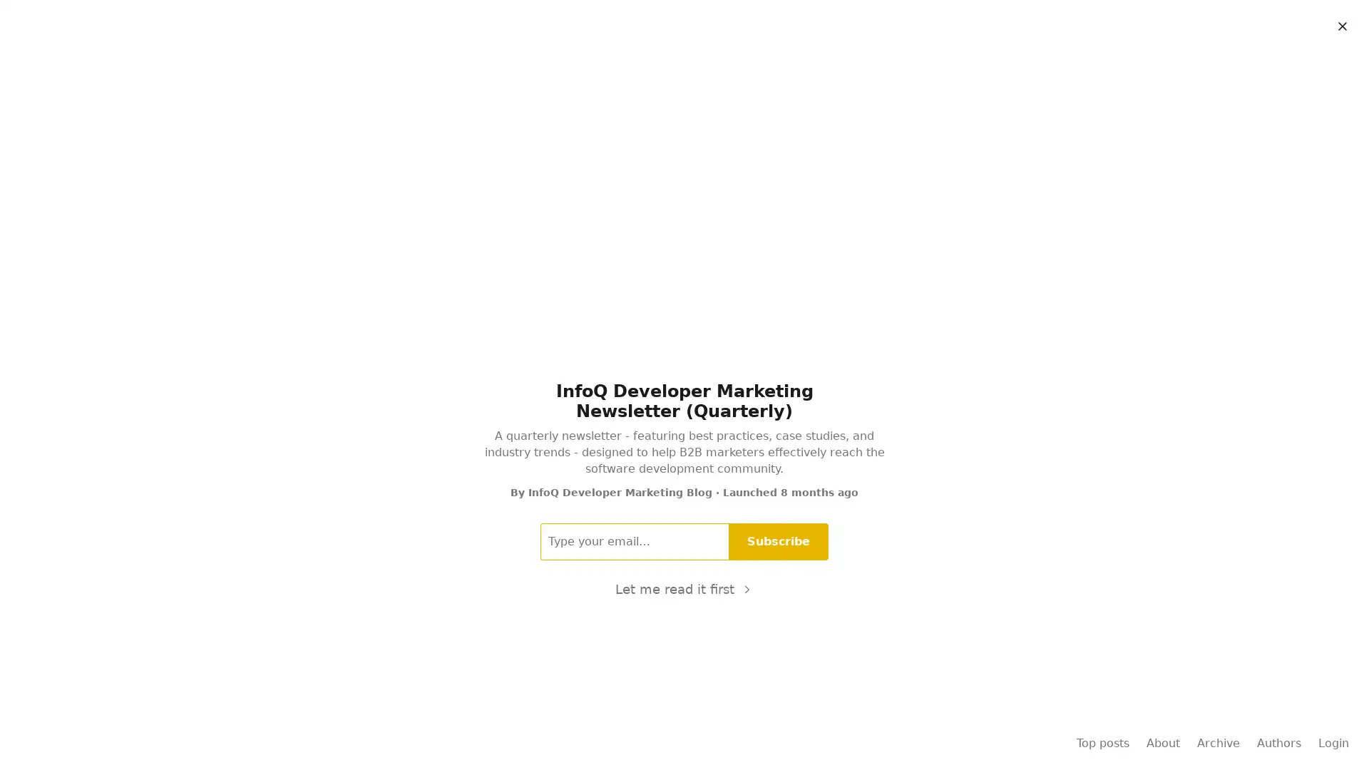  Describe the element at coordinates (682, 62) in the screenshot. I see `Newsletters` at that location.